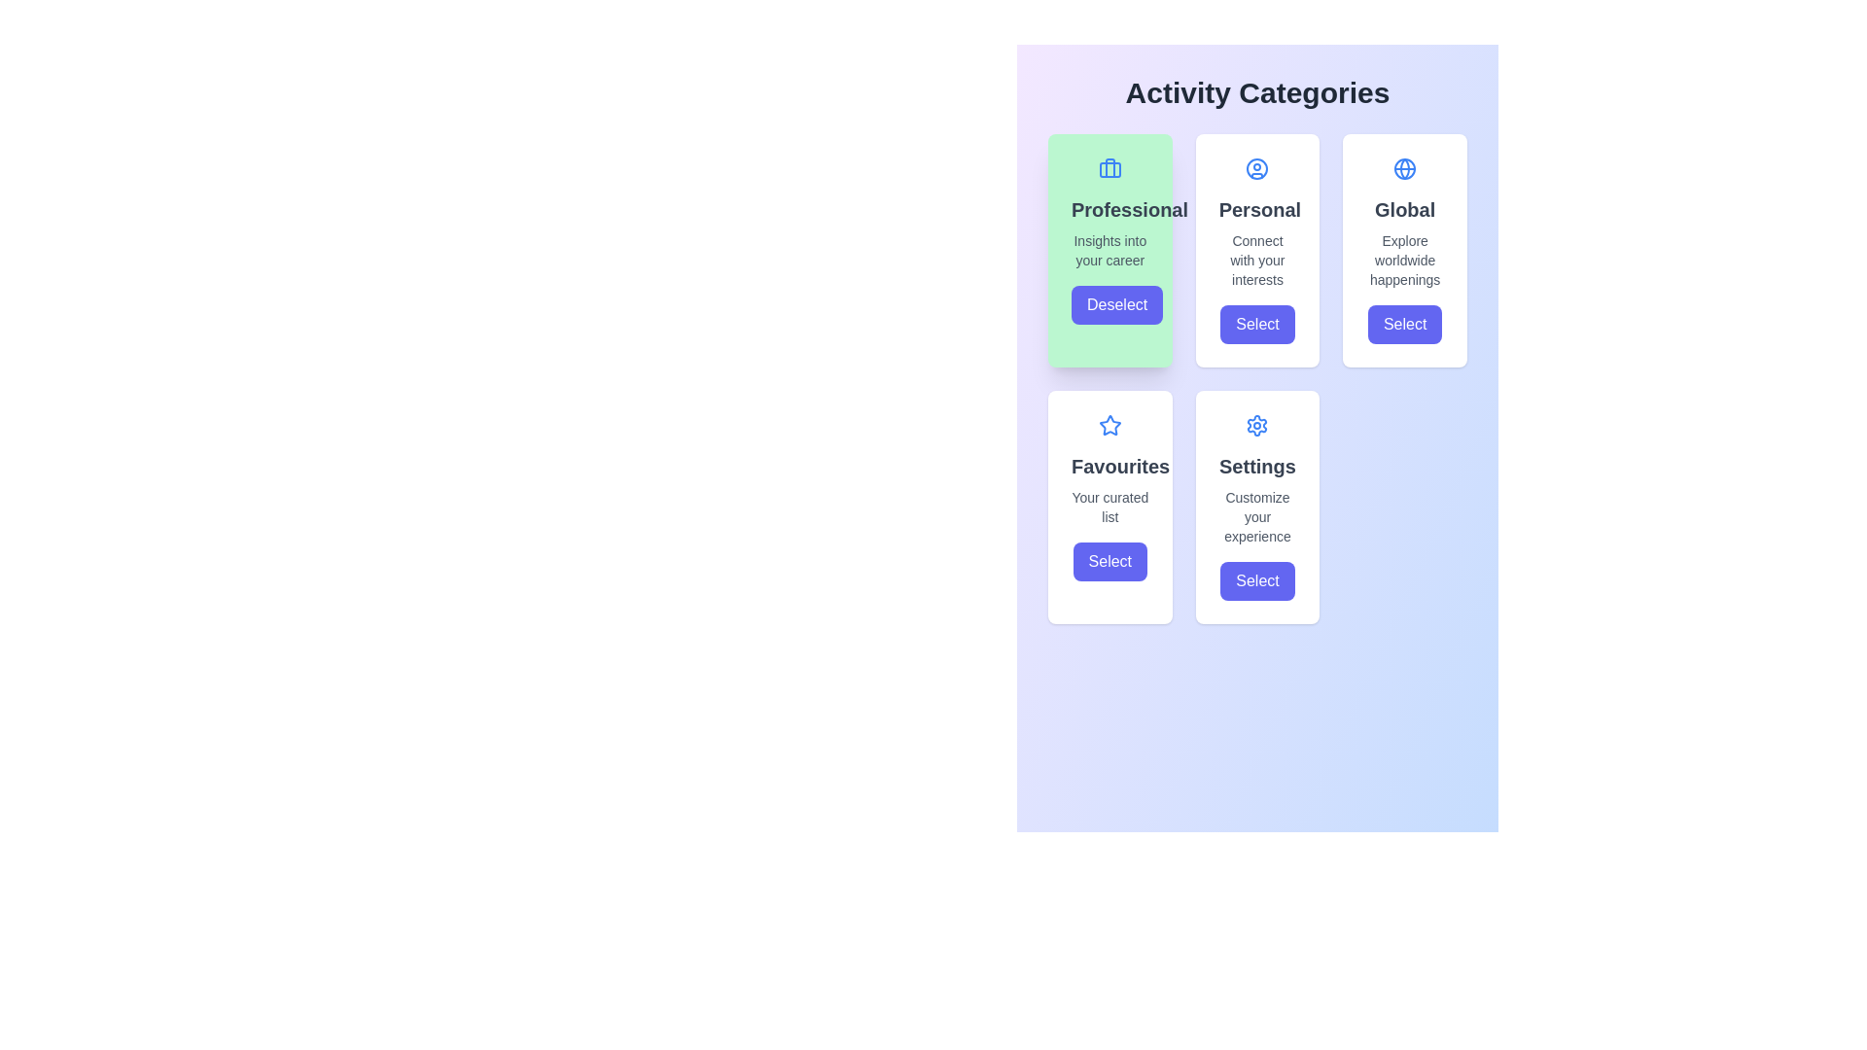 The image size is (1867, 1050). What do you see at coordinates (1110, 425) in the screenshot?
I see `the favorites icon located above the 'Favourites' text, centrally aligned within the 'Favourites' card` at bounding box center [1110, 425].